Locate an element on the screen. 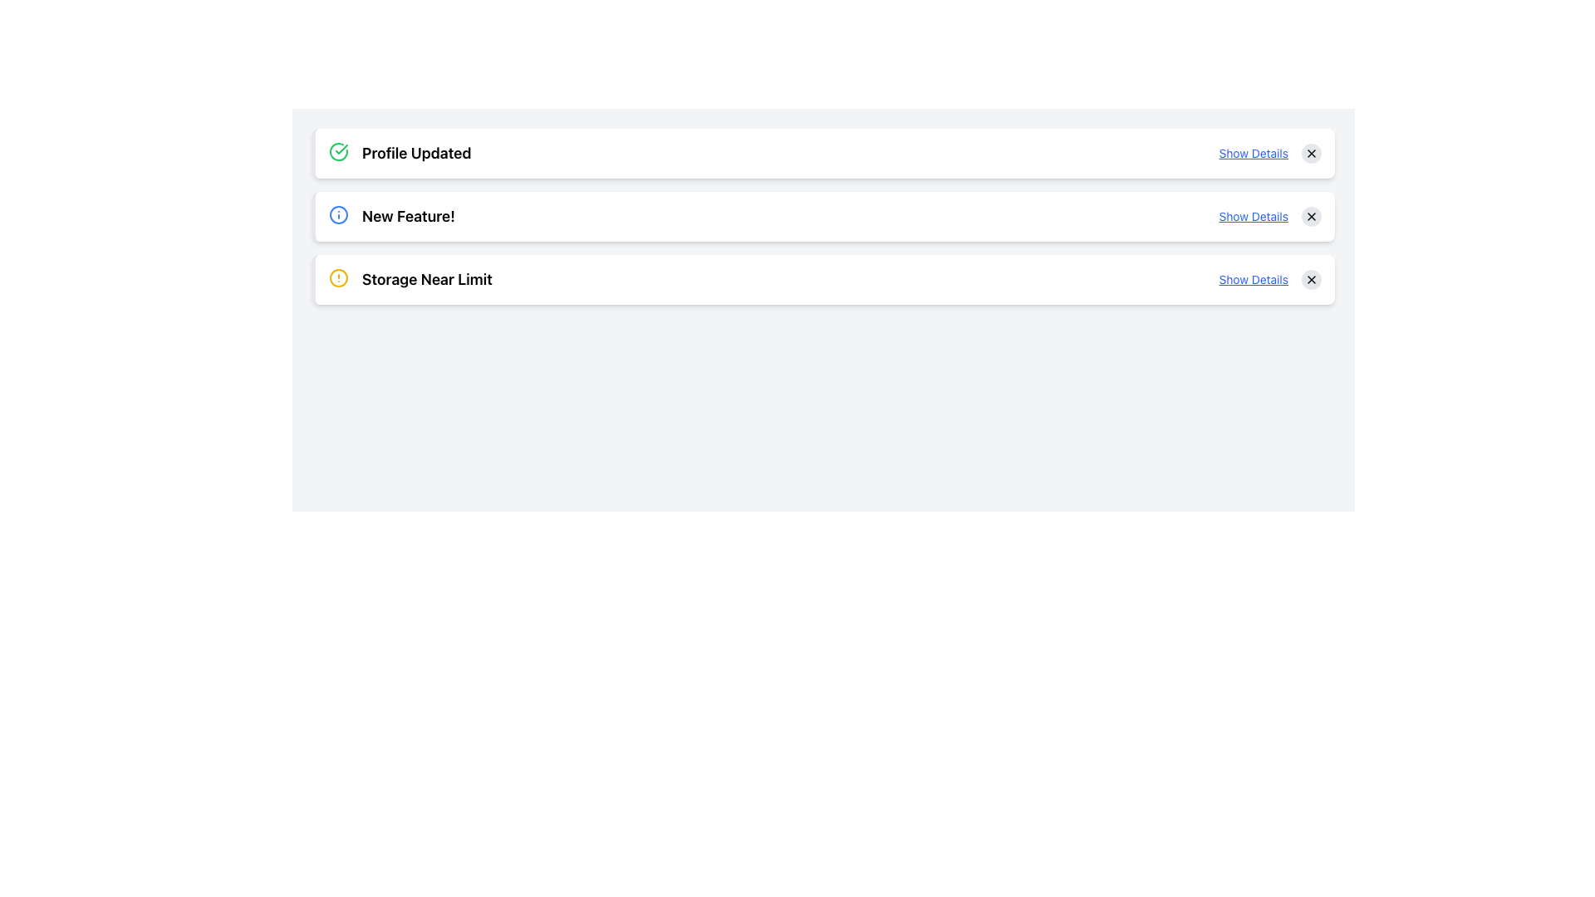  the text link located at the right end of the third row in the notifications list is located at coordinates (1254, 278).